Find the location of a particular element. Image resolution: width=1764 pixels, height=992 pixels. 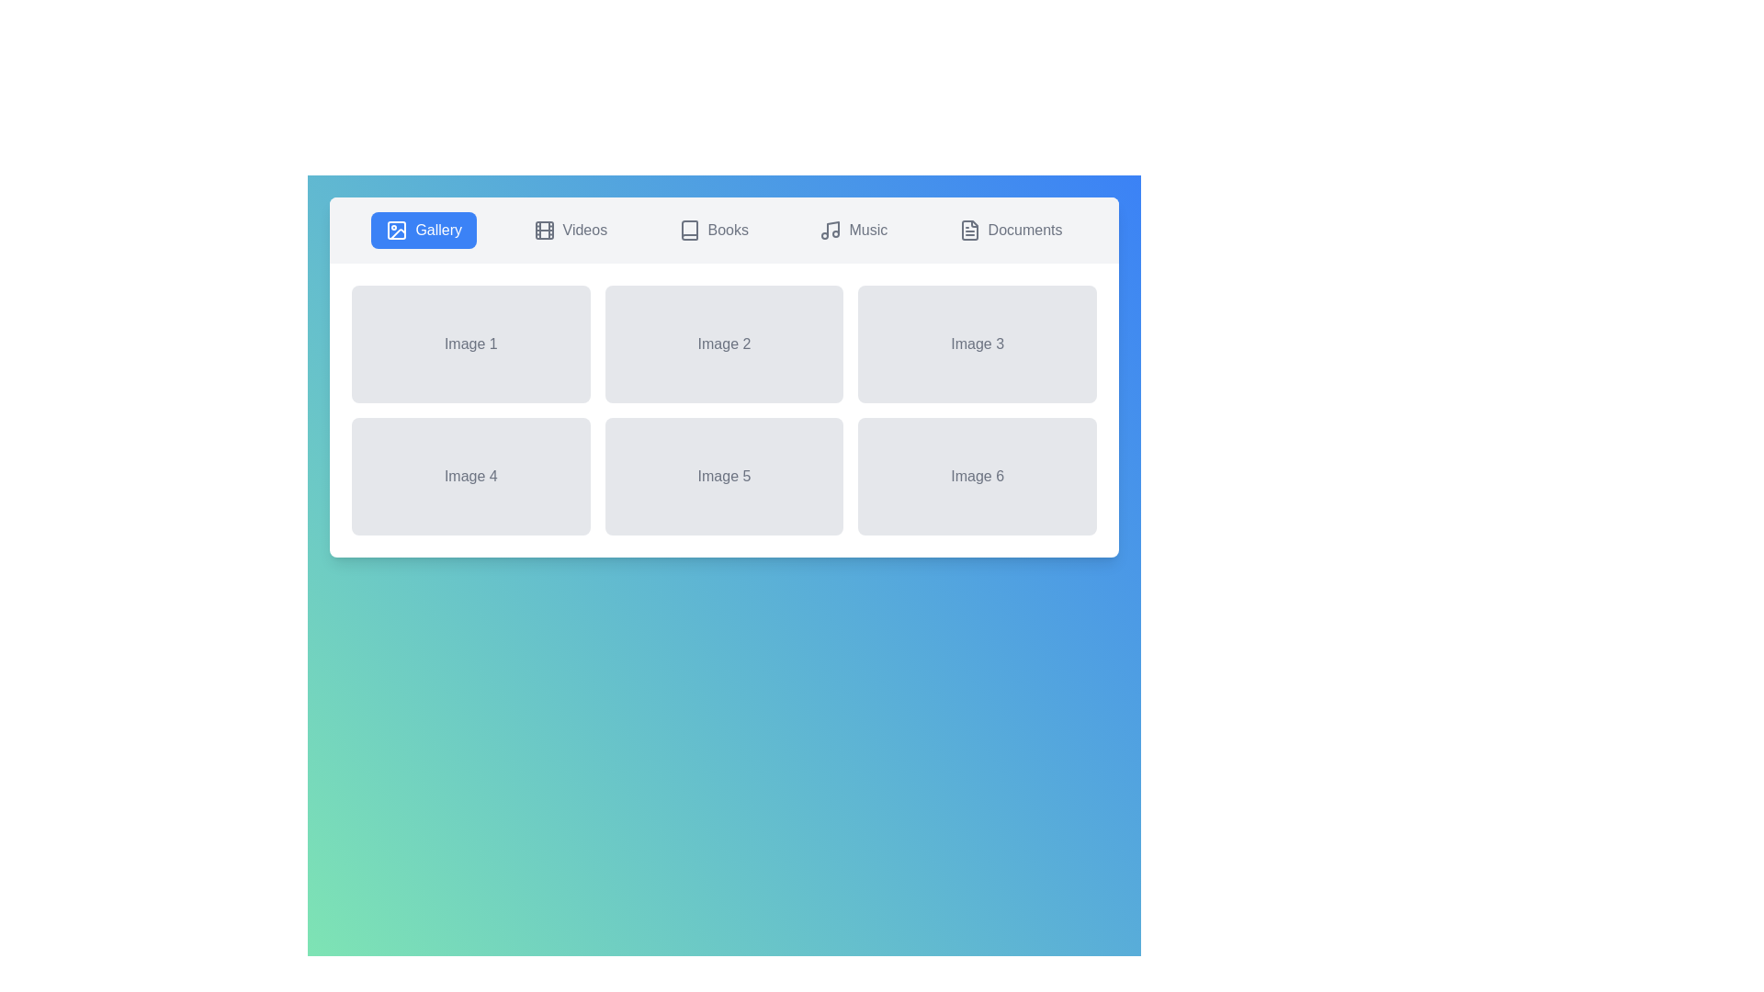

the 'Books' icon in the top navigation row is located at coordinates (688, 229).